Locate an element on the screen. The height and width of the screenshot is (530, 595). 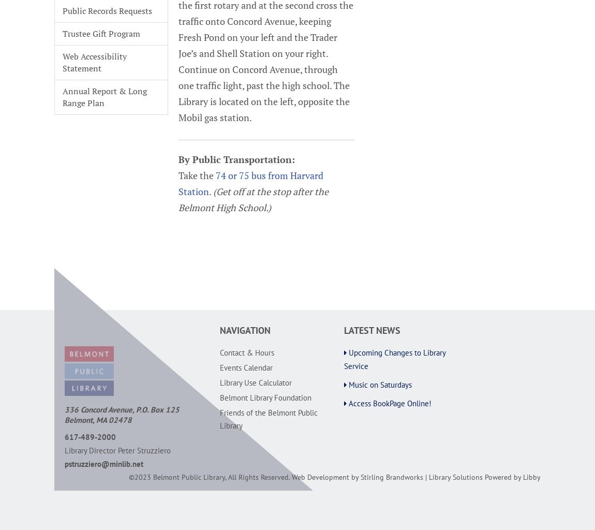
'Access BookPage Online!' is located at coordinates (345, 403).